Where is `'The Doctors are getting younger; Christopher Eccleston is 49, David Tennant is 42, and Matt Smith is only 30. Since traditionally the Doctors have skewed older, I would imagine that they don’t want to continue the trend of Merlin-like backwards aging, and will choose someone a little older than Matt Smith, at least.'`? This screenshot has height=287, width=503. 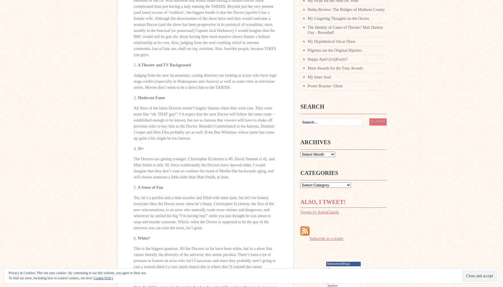
'The Doctors are getting younger; Christopher Eccleston is 49, David Tennant is 42, and Matt Smith is only 30. Since traditionally the Doctors have skewed older, I would imagine that they don’t want to continue the trend of Merlin-like backwards aging, and will choose someone a little older than Matt Smith, at least.' is located at coordinates (204, 168).